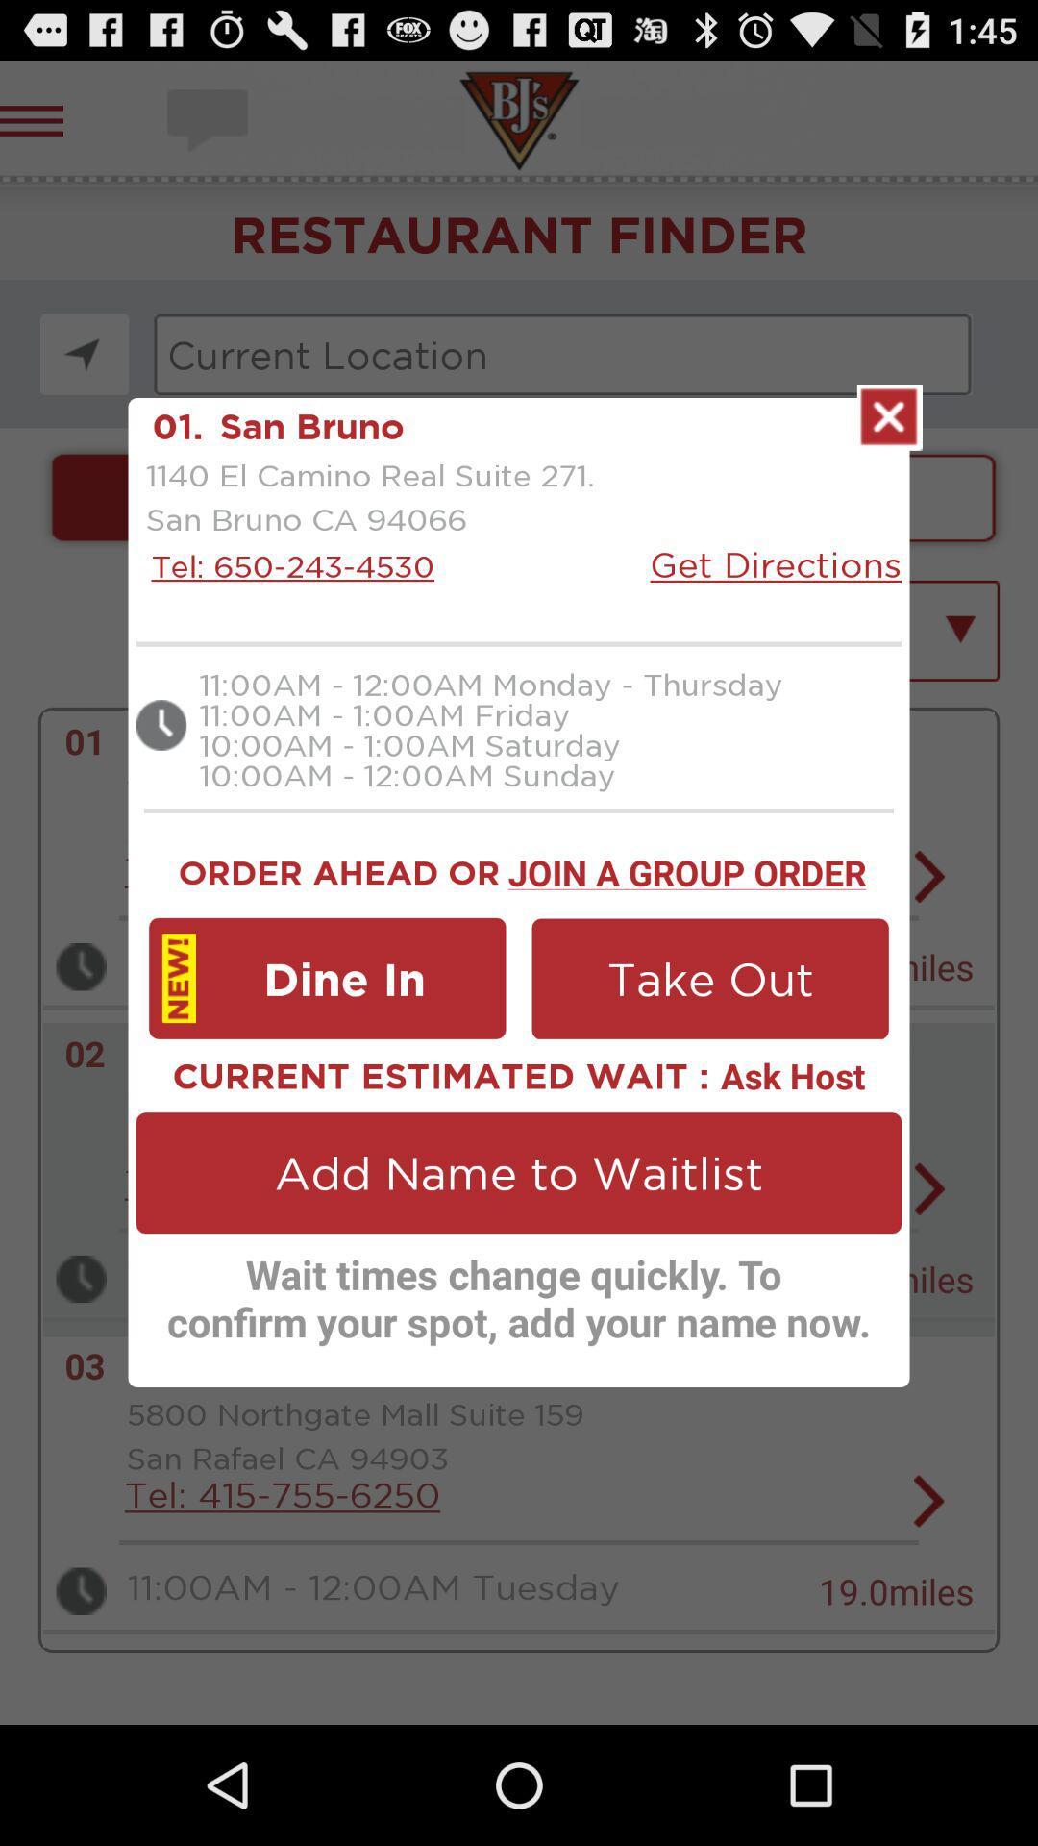 The width and height of the screenshot is (1038, 1846). What do you see at coordinates (889, 416) in the screenshot?
I see `the page` at bounding box center [889, 416].